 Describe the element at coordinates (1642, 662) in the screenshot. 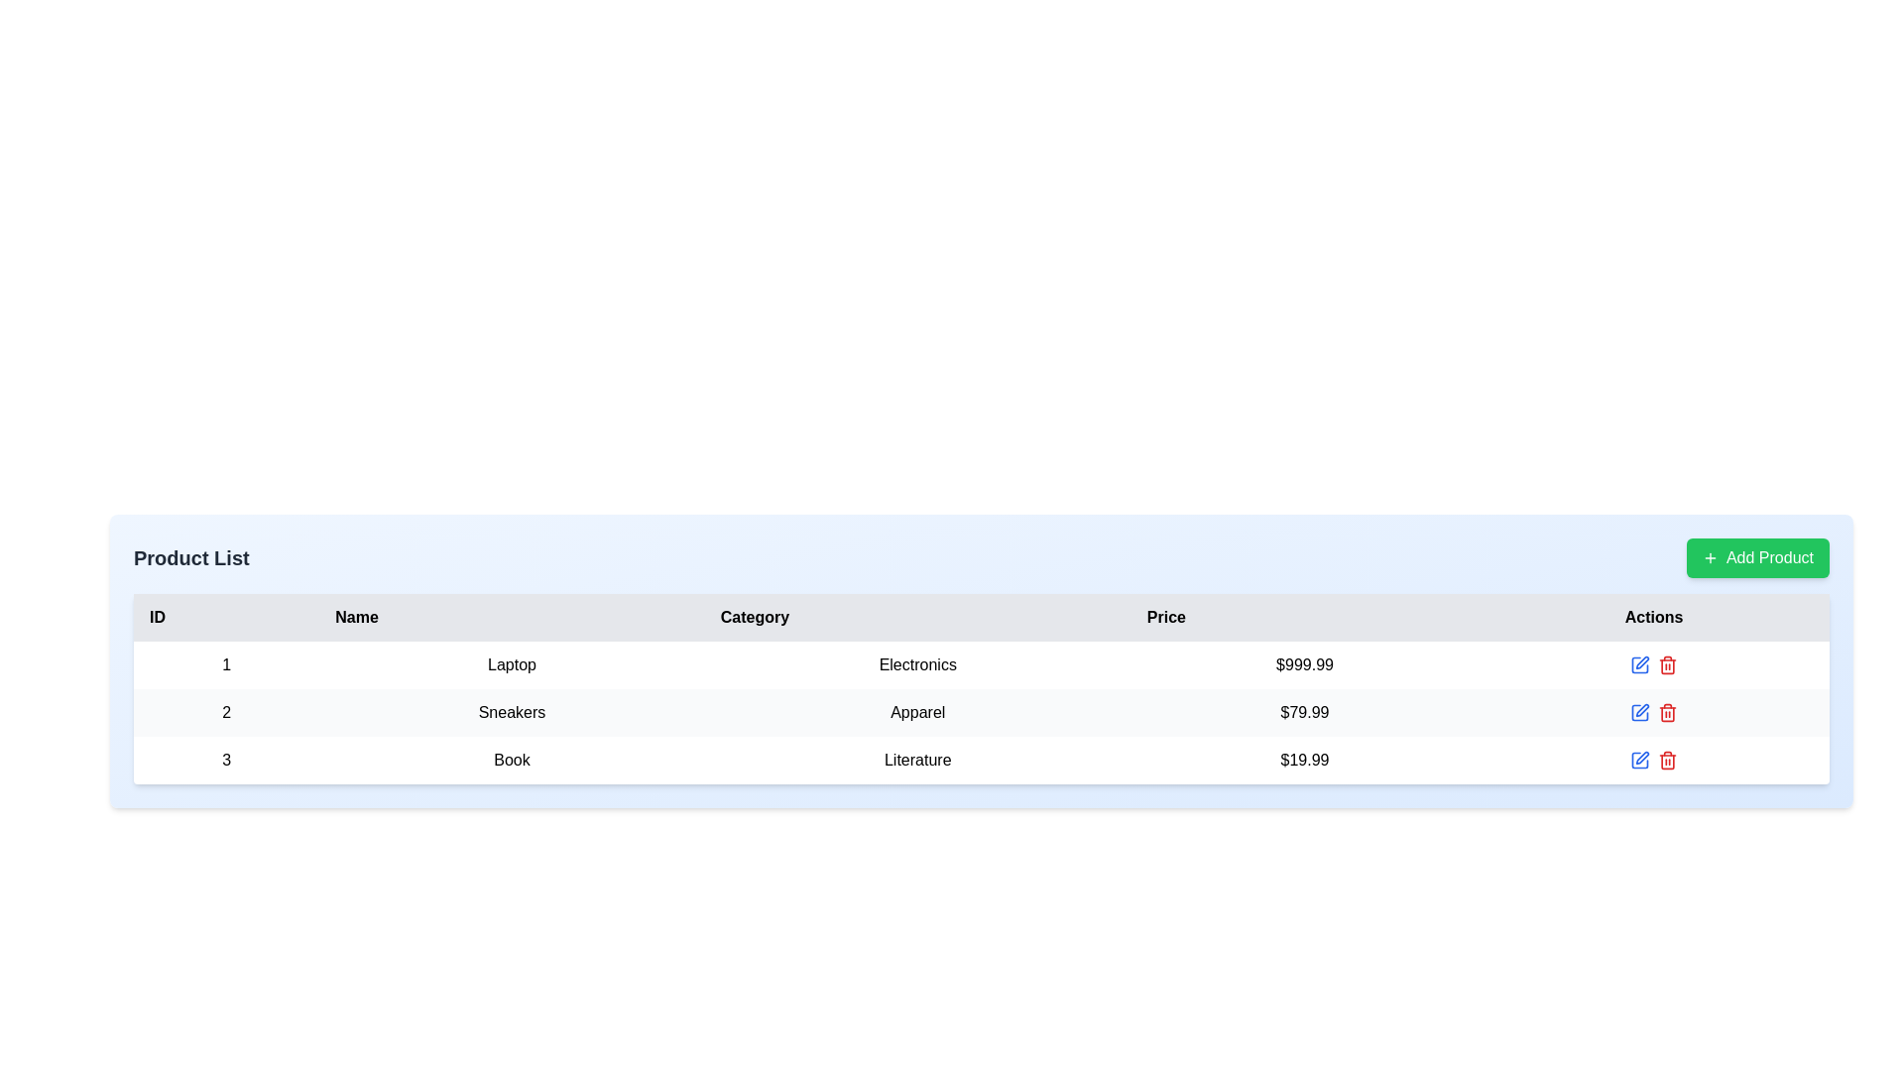

I see `the edit icon button represented as a pencil in the Actions column of the first row concerning the product 'Laptop'` at that location.